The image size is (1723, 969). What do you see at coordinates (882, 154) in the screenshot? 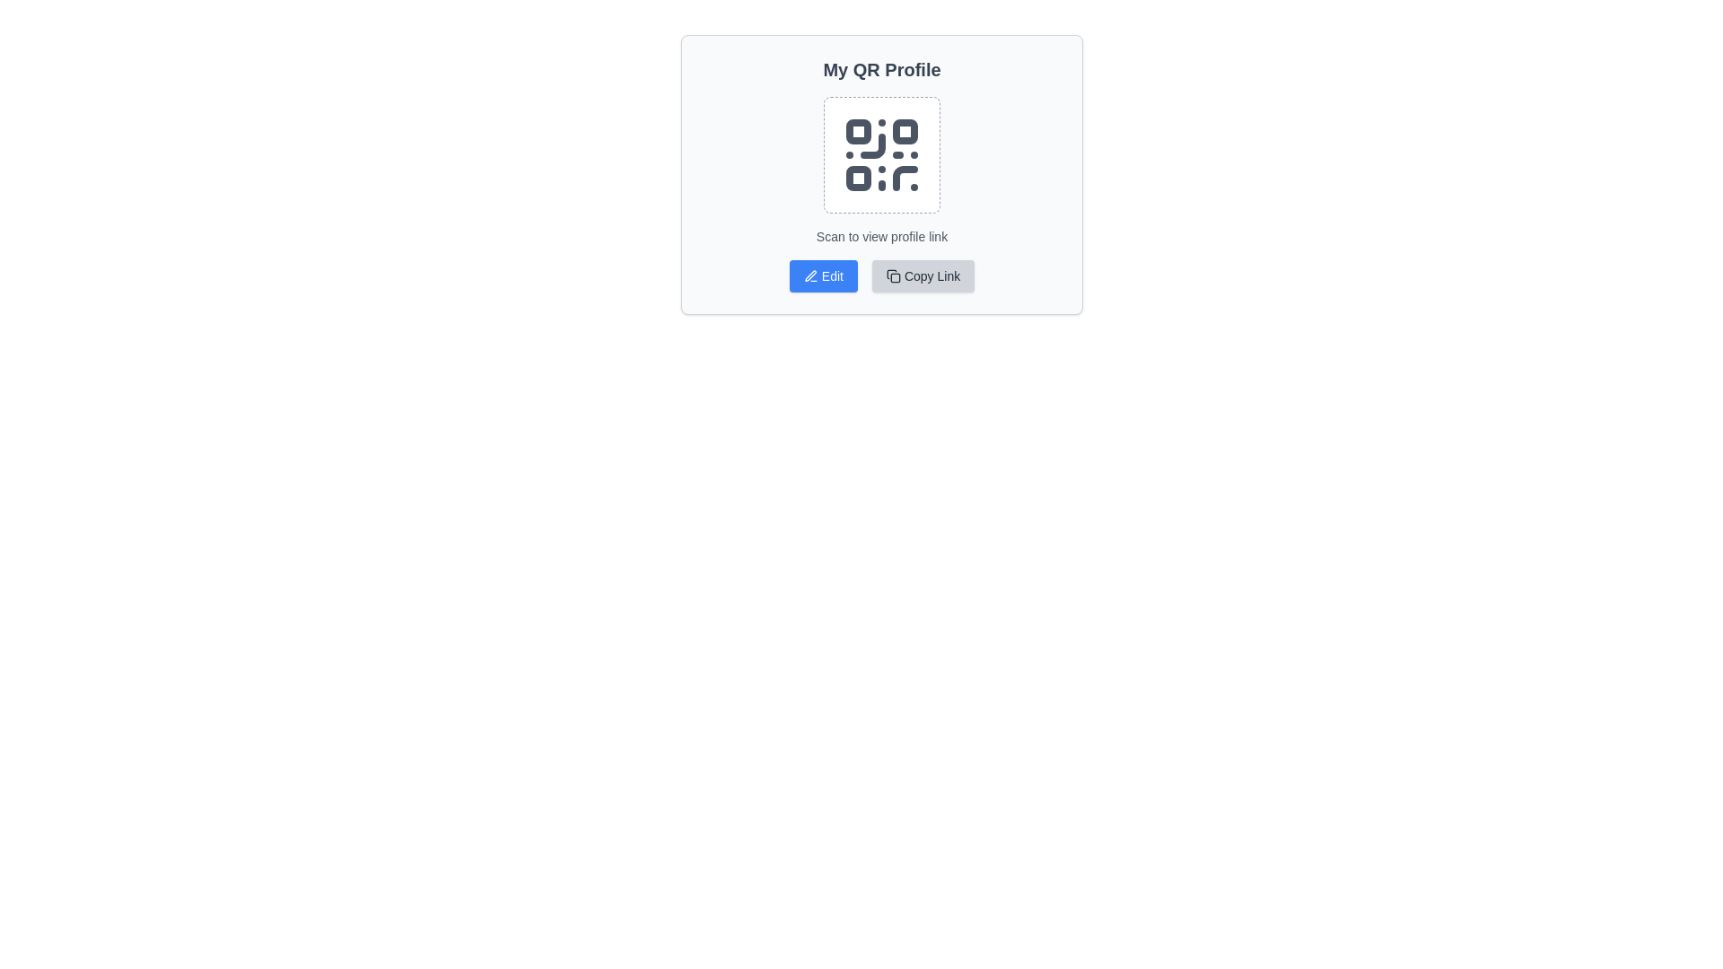
I see `the QR code icon located in the 'My QR Profile' section, positioned directly below the heading 'My QR Profile' and above the text 'Scan` at bounding box center [882, 154].